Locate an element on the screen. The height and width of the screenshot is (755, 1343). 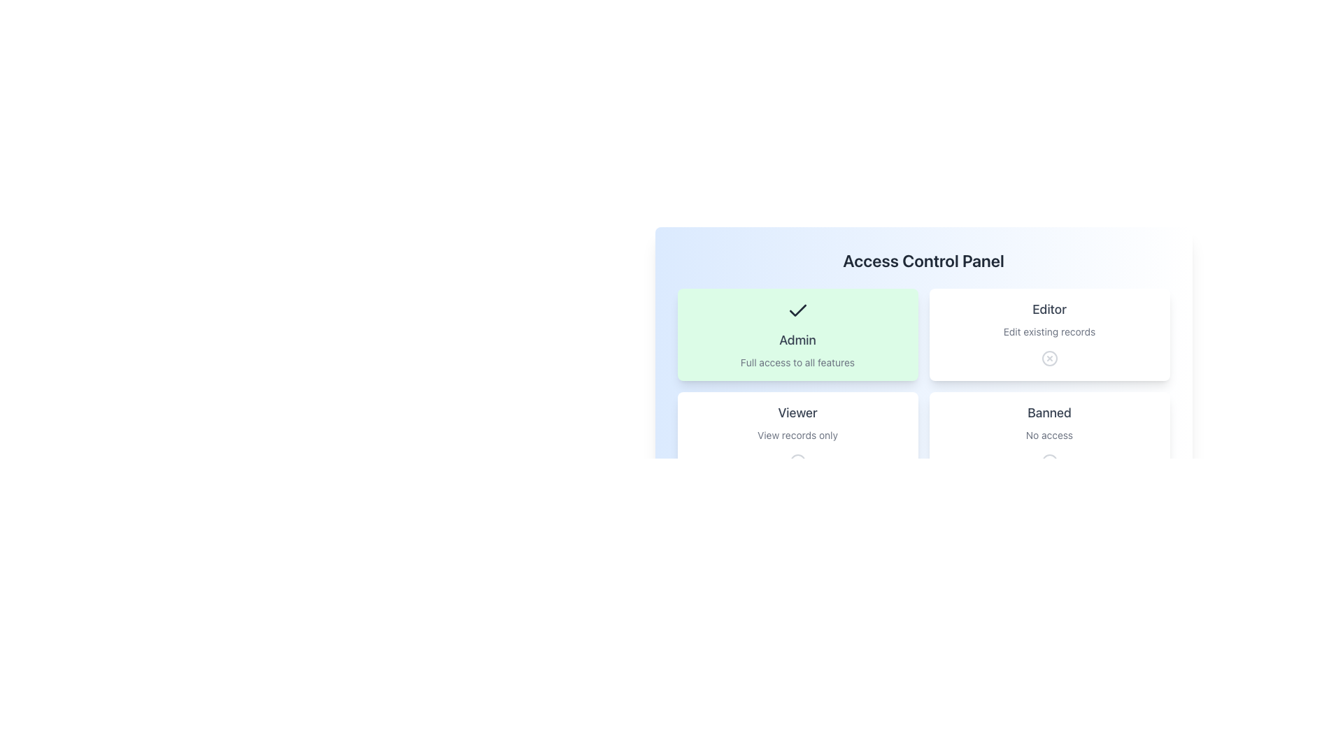
the text label that reads 'Full access to all features', which is styled with a small font size, light gray text color, and centered alignment, located below the 'Admin' label within a light green box is located at coordinates (797, 362).